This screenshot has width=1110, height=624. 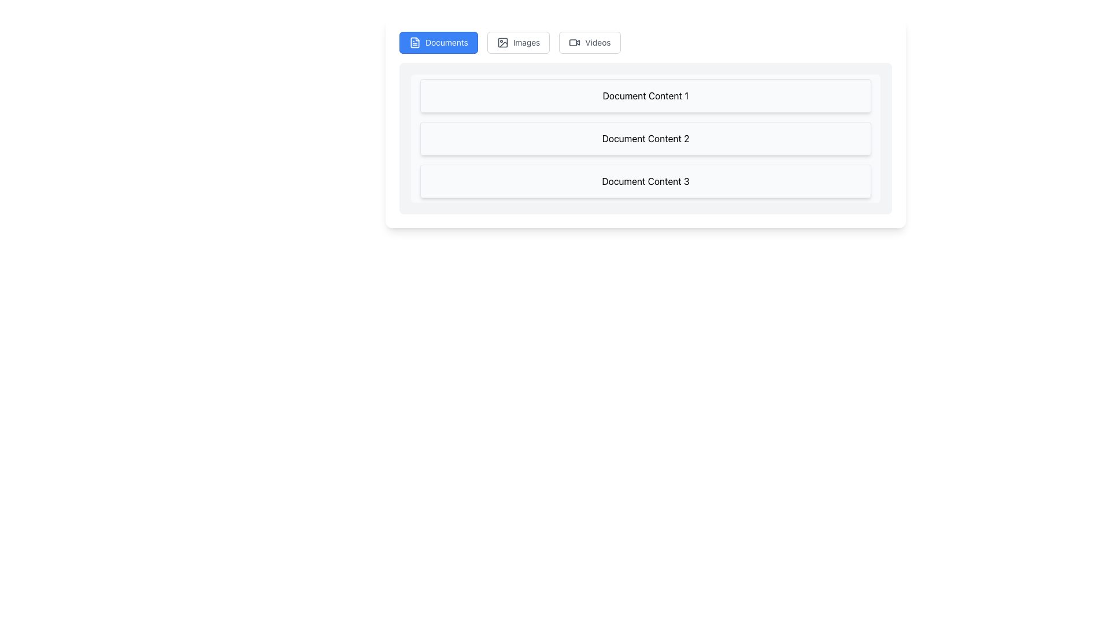 What do you see at coordinates (518, 42) in the screenshot?
I see `the 'Images' button, which is located in the center of three horizontally aligned buttons, to observe styling changes` at bounding box center [518, 42].